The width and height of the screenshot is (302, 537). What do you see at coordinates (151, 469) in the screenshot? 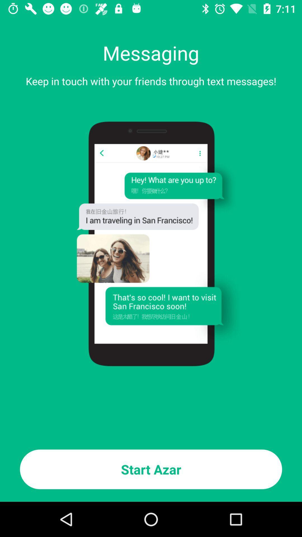
I see `start azar` at bounding box center [151, 469].